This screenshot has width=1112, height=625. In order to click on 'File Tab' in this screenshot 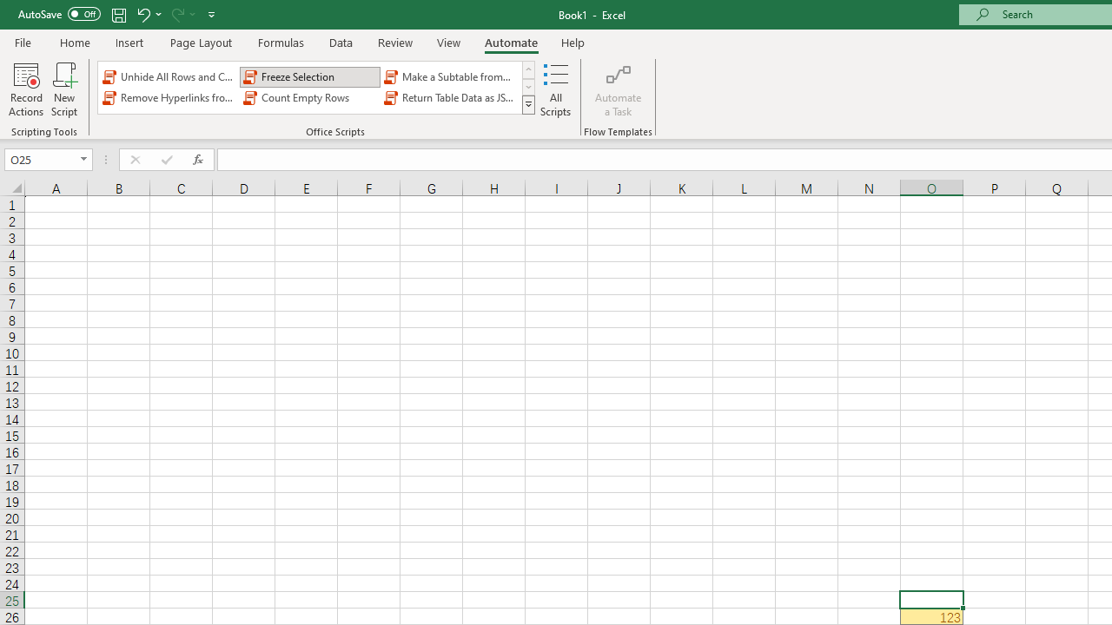, I will do `click(23, 41)`.